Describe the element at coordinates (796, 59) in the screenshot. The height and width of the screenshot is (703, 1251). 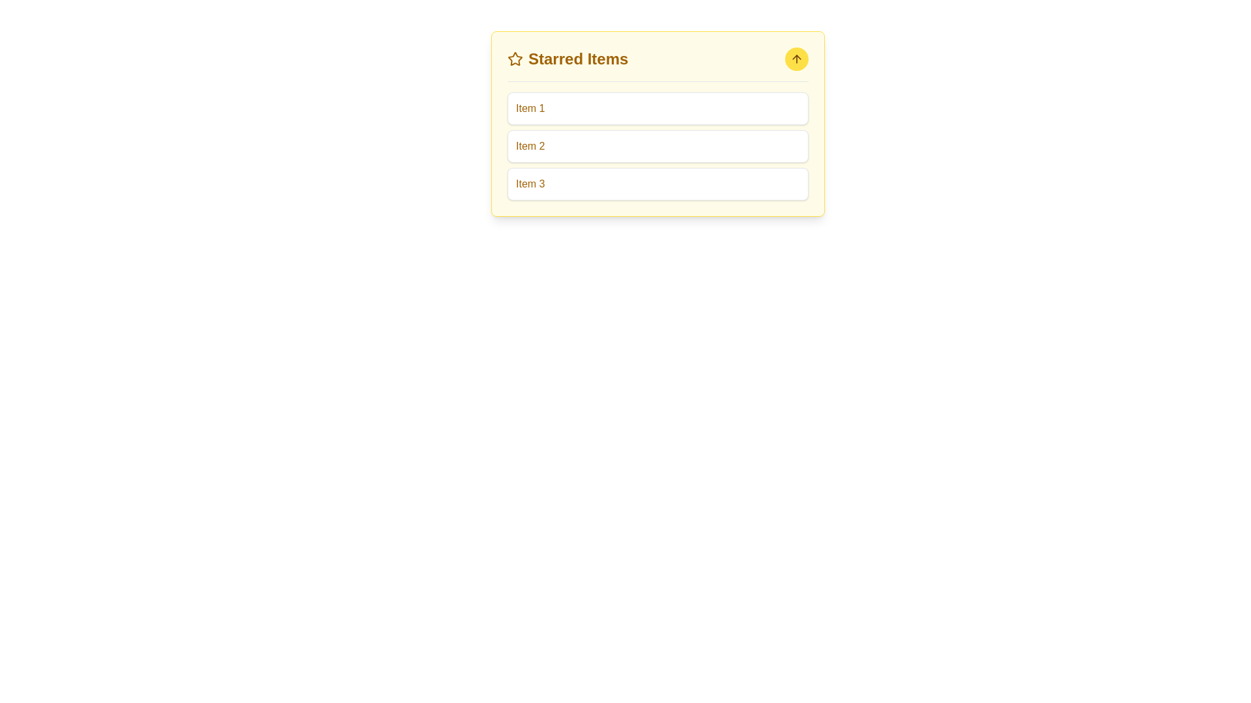
I see `the button in the top-right corner of the 'Starred Items' section` at that location.